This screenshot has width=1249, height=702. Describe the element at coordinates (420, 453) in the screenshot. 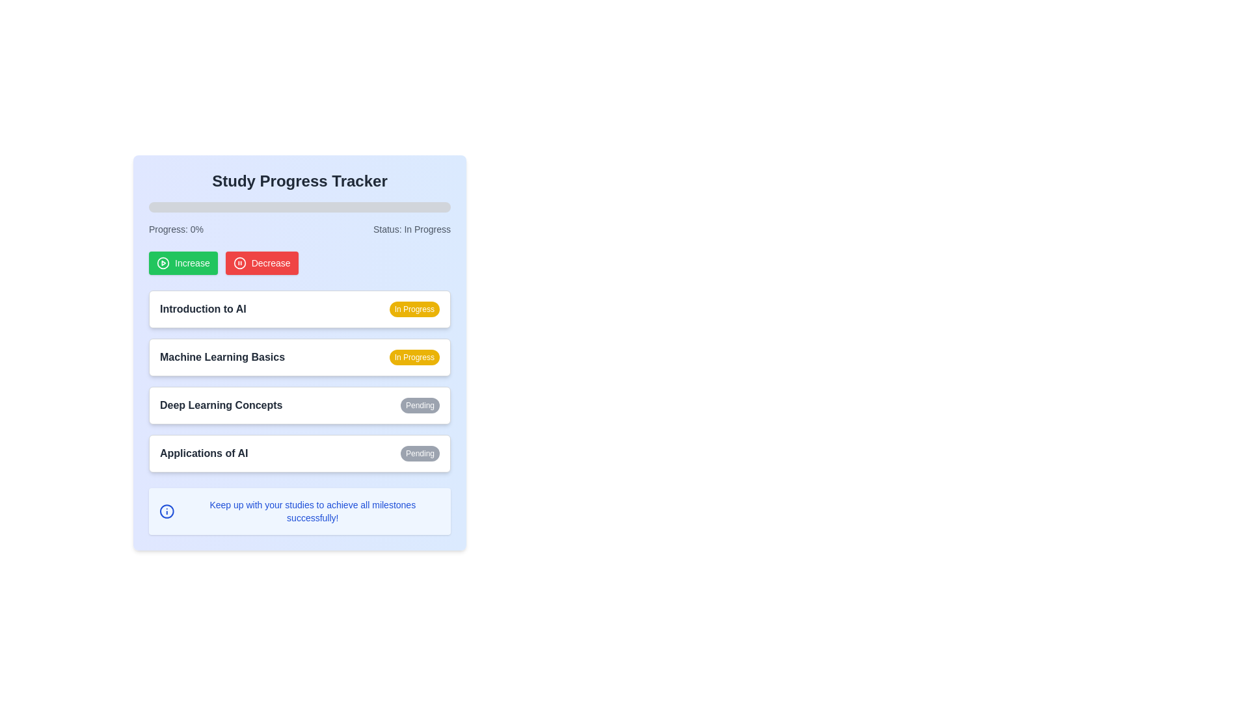

I see `the Status Badge which has a grey background and white text reading 'Pending', located at the bottom-right of the card displaying 'Applications of AI'` at that location.